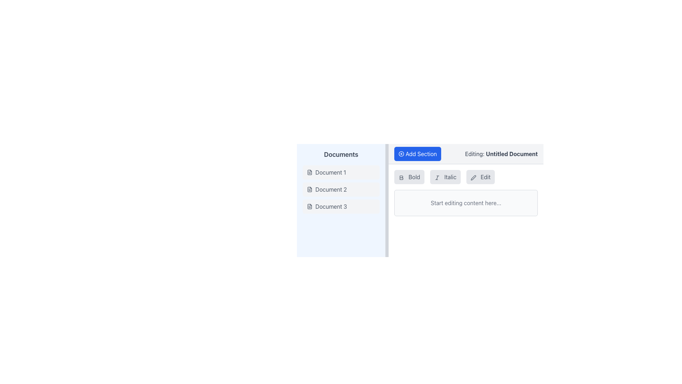 The image size is (682, 384). What do you see at coordinates (401, 153) in the screenshot?
I see `the 'Add Section' icon located to the left of the blue rectangular 'Add Section' button` at bounding box center [401, 153].